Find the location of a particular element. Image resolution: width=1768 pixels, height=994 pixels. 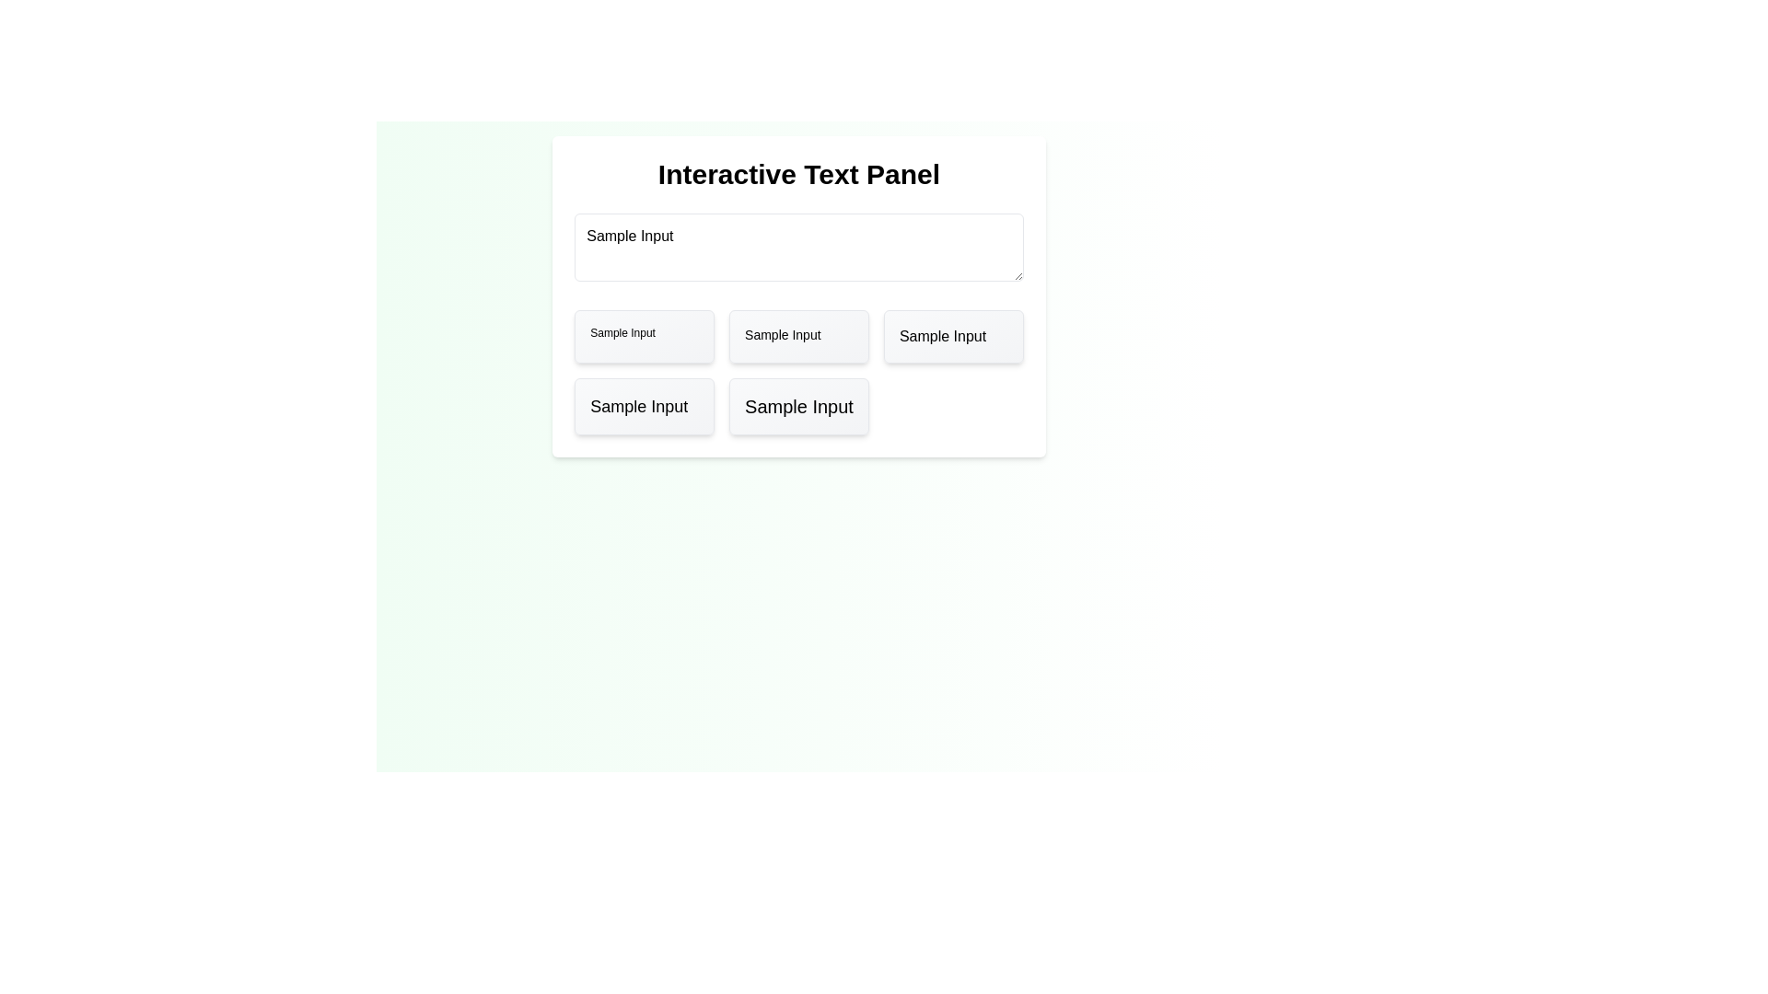

the Informational panel displaying the text 'Sample Input', which is a rectangular panel with a gradient background and rounded corners, located centrally below the header 'Interactive Text Panel' is located at coordinates (799, 337).